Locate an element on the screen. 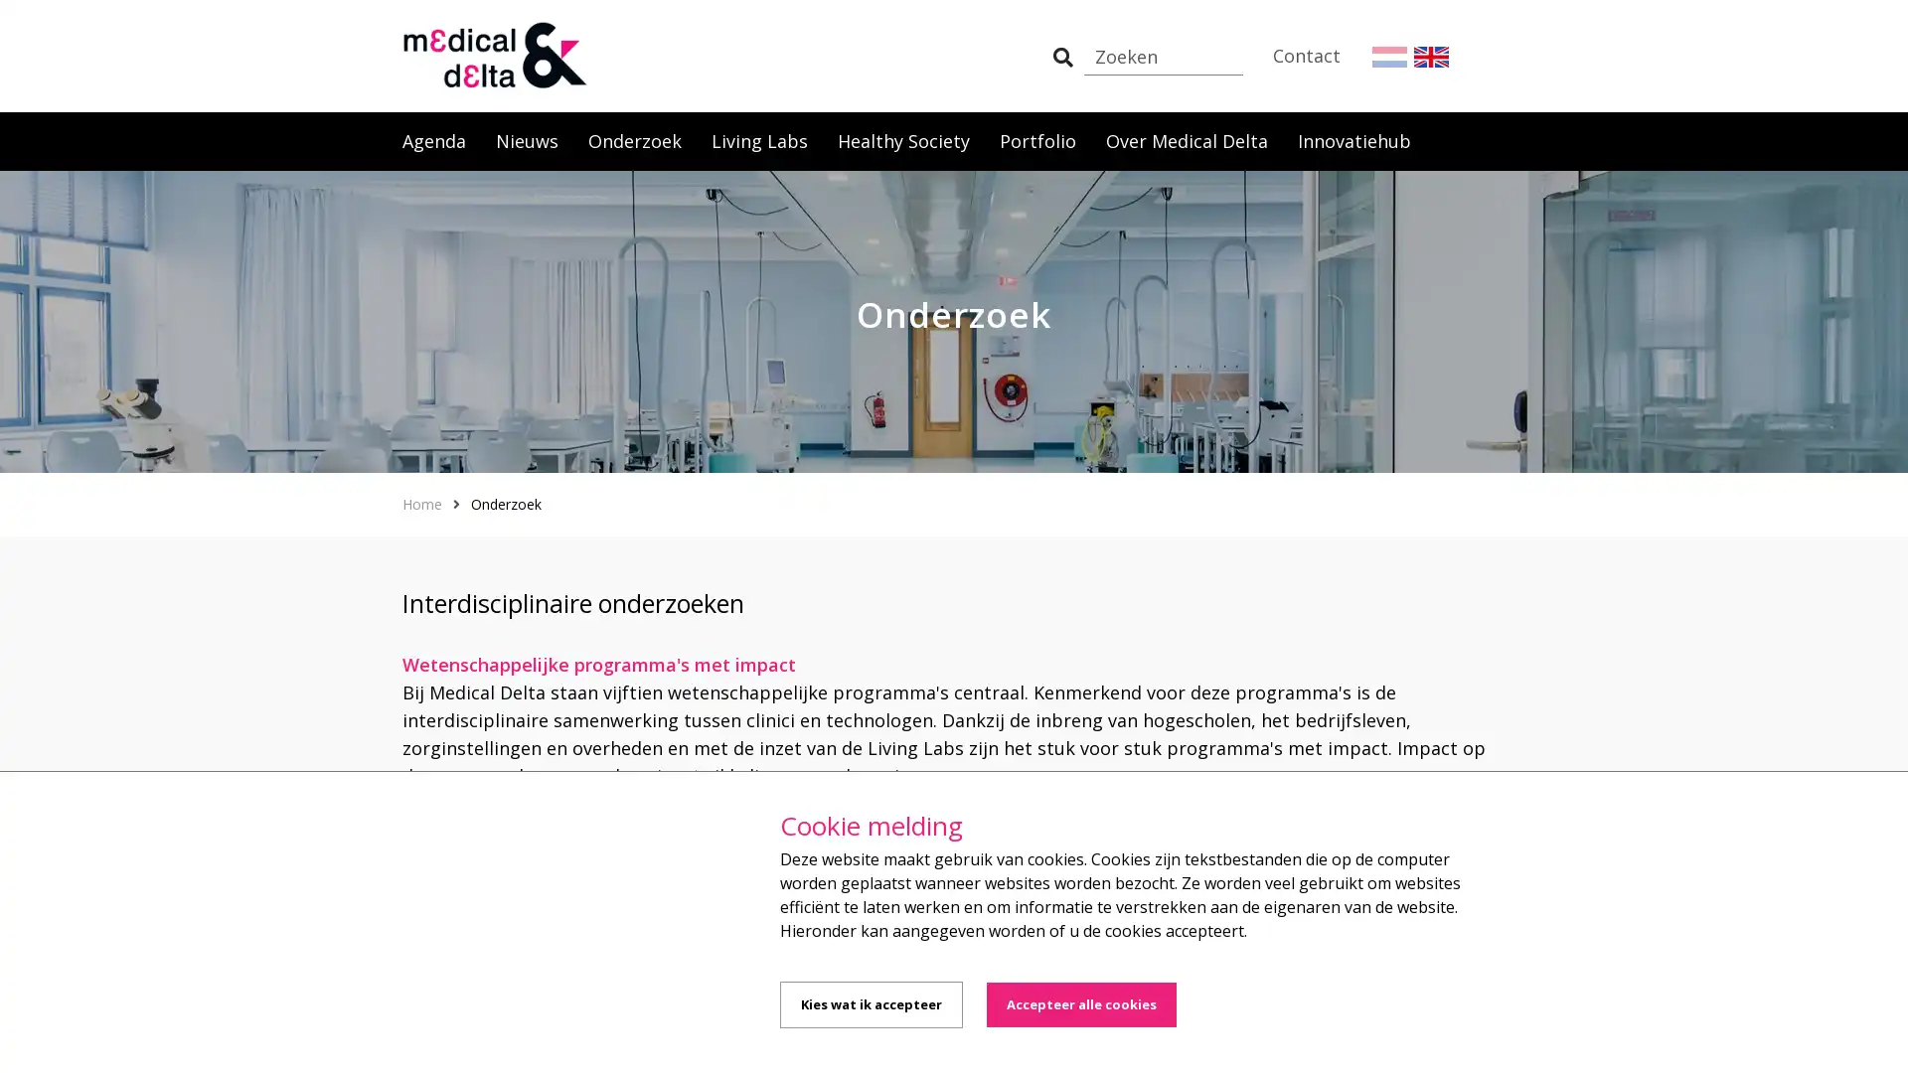 Image resolution: width=1908 pixels, height=1073 pixels. Kies wat ik accepteer is located at coordinates (872, 1004).